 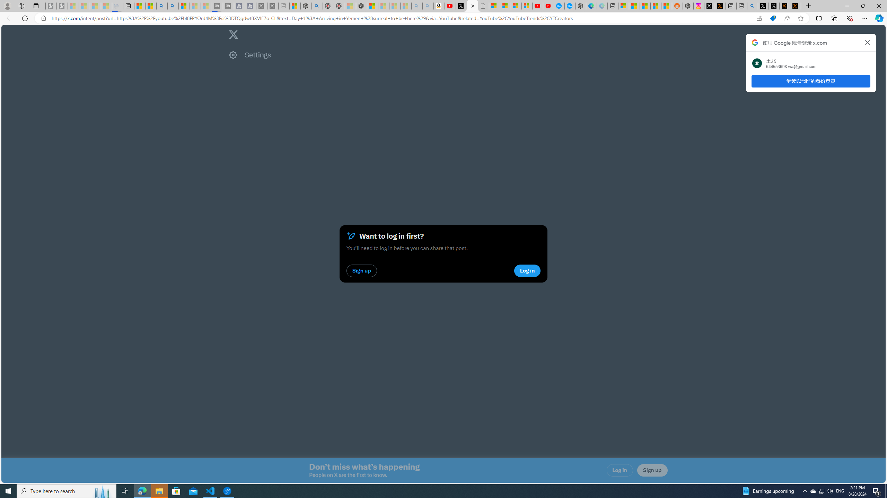 What do you see at coordinates (759, 18) in the screenshot?
I see `'App available. Install X'` at bounding box center [759, 18].